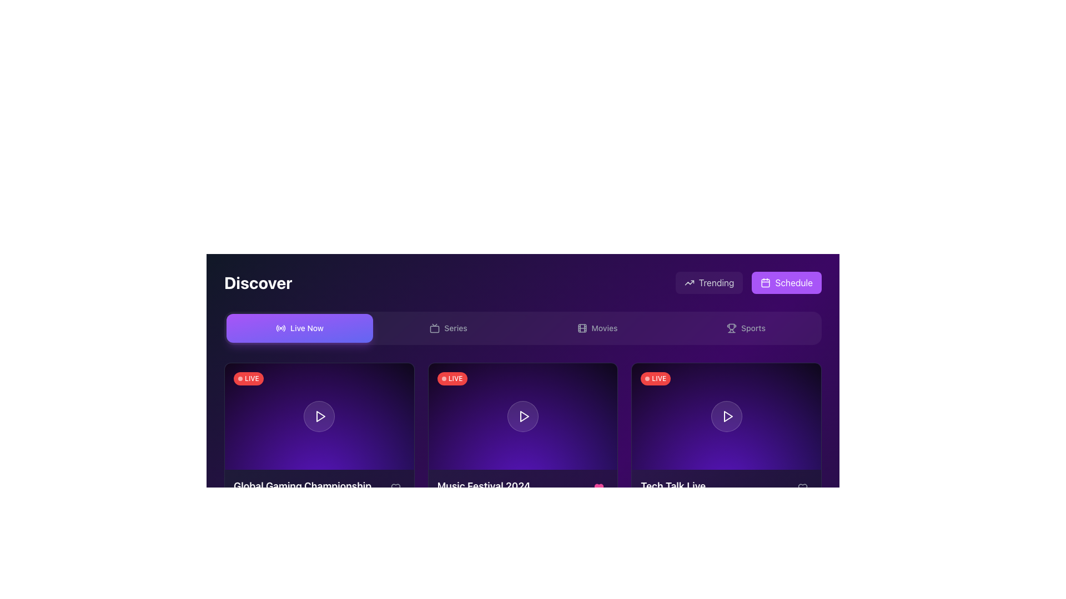 The height and width of the screenshot is (599, 1066). What do you see at coordinates (786, 282) in the screenshot?
I see `the 'Schedule' button with a purple background featuring a white calendar icon to highlight it` at bounding box center [786, 282].